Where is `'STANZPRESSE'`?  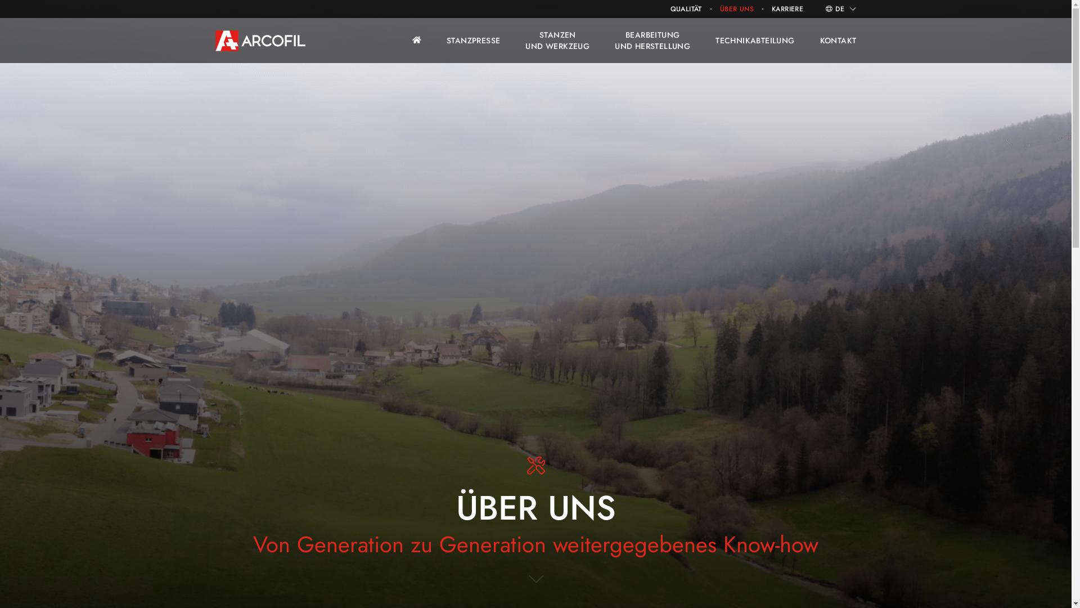
'STANZPRESSE' is located at coordinates (445, 40).